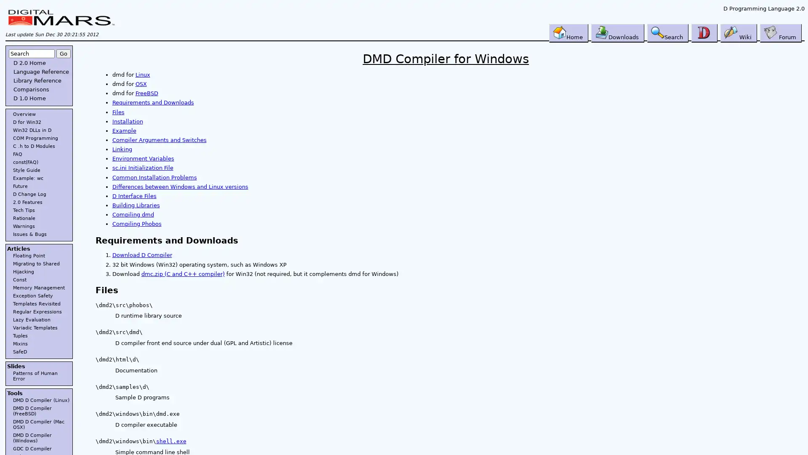 Image resolution: width=808 pixels, height=455 pixels. I want to click on Go, so click(63, 53).